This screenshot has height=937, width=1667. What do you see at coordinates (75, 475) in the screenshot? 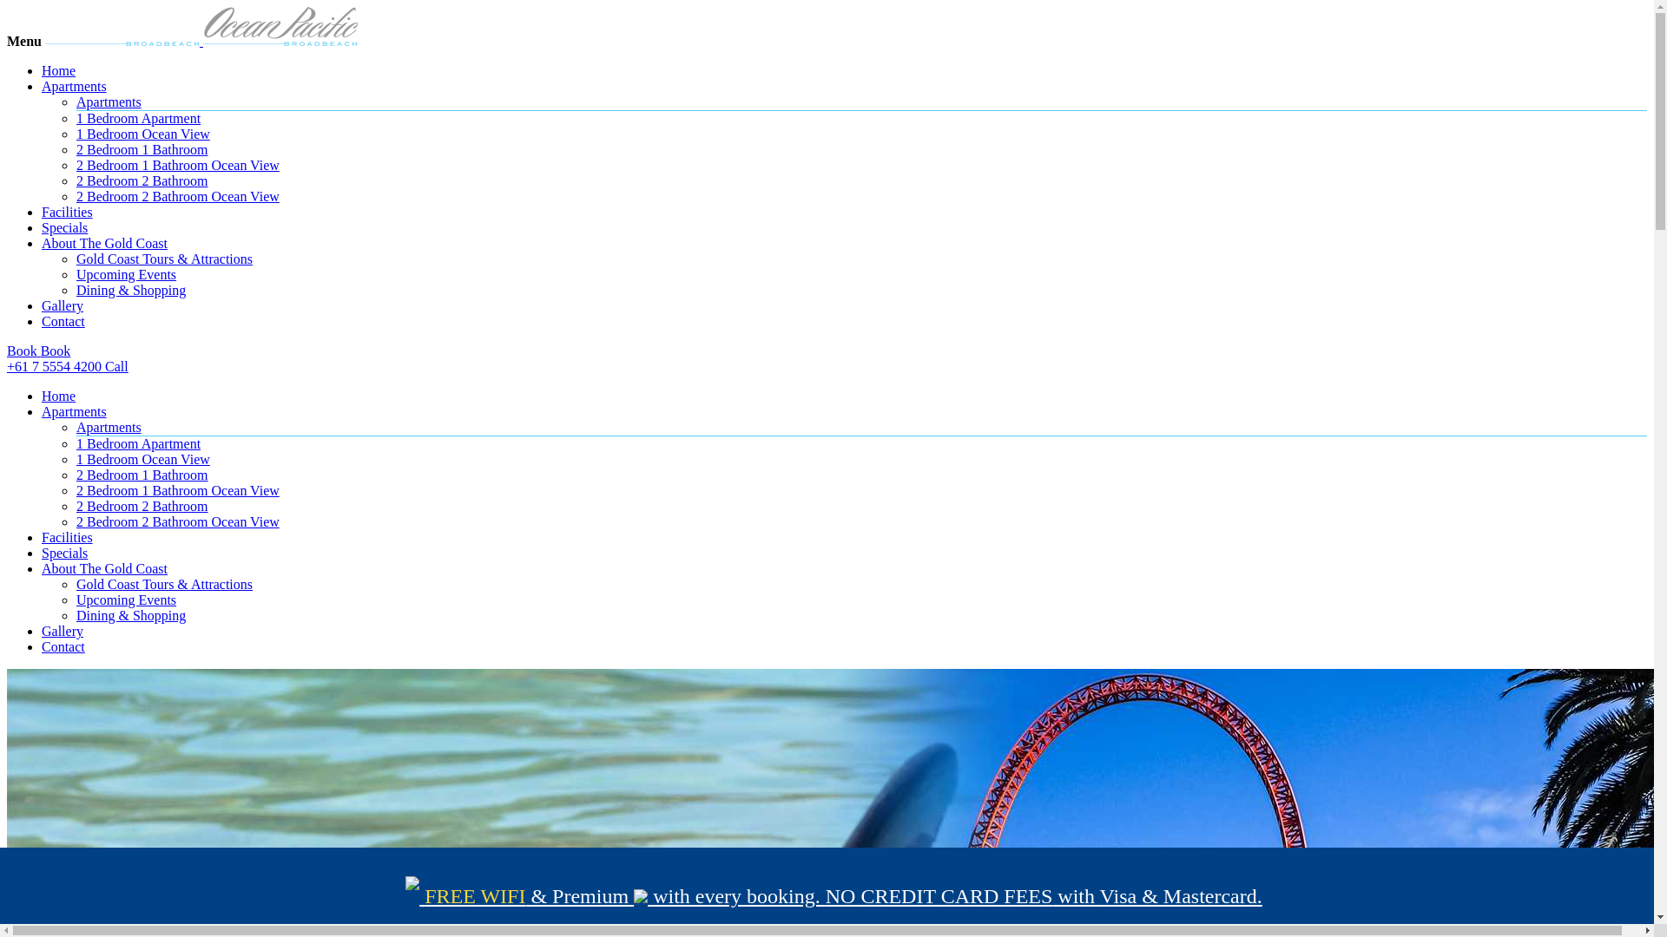
I see `'2 Bedroom 1 Bathroom'` at bounding box center [75, 475].